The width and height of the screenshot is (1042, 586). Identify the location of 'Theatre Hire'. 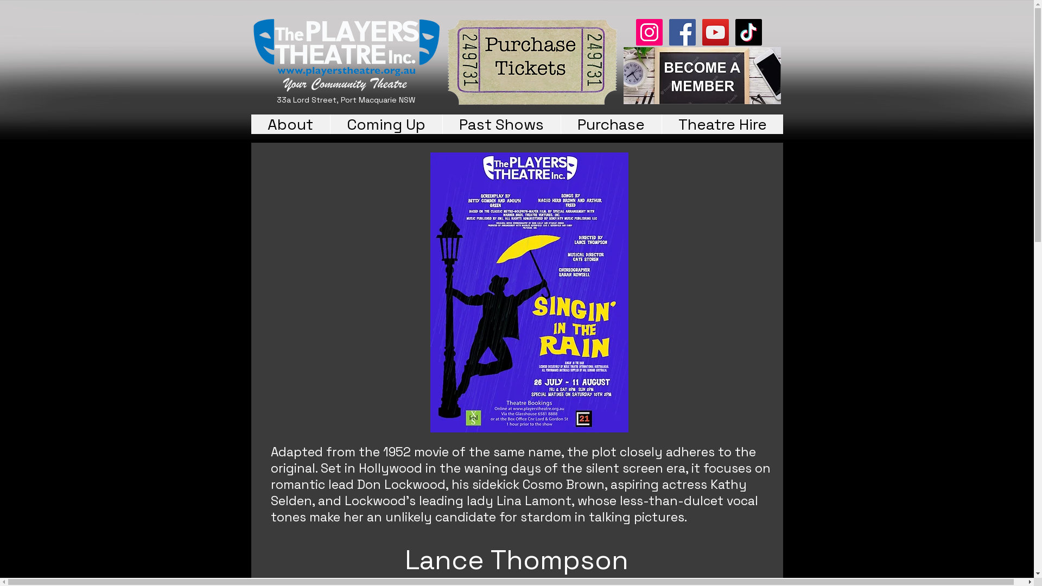
(721, 123).